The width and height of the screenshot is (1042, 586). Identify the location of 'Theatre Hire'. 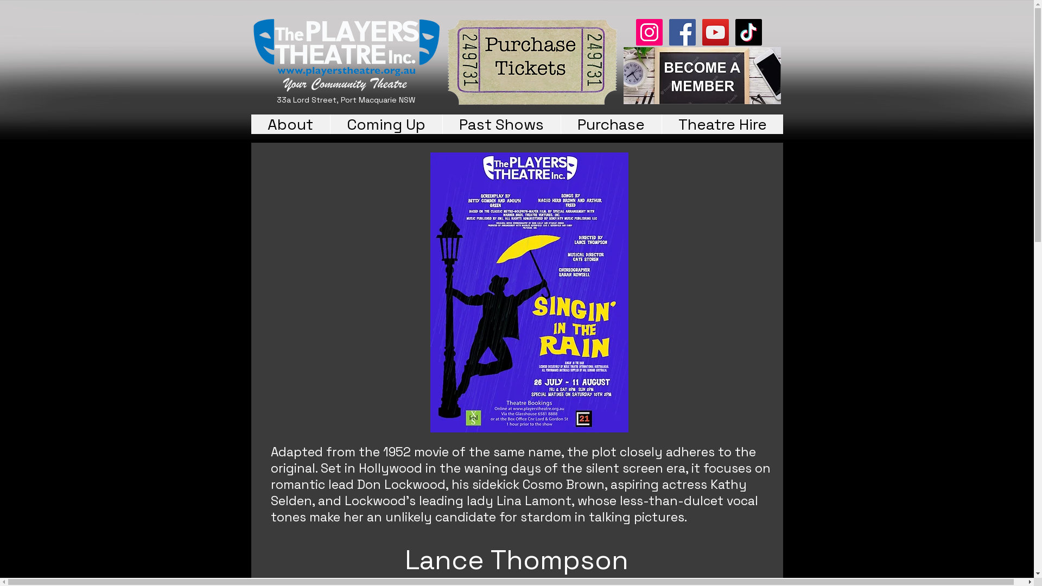
(721, 123).